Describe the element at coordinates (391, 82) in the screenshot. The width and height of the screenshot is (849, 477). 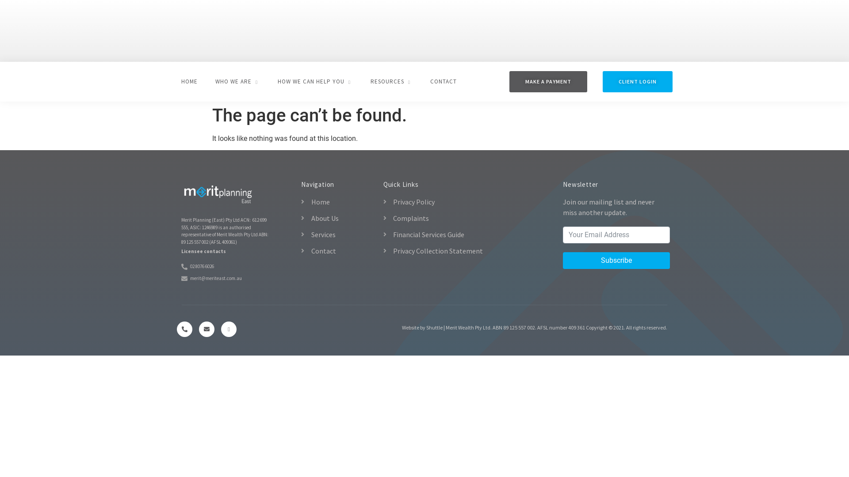
I see `'RESOURCES'` at that location.